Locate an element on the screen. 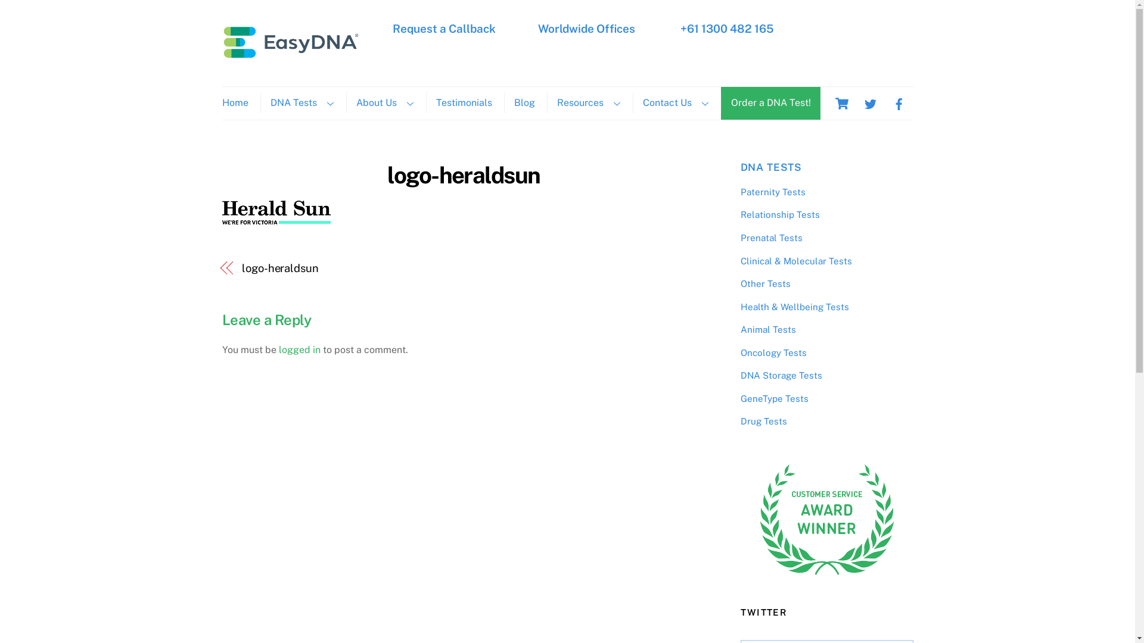  'DNA Tests' is located at coordinates (301, 102).